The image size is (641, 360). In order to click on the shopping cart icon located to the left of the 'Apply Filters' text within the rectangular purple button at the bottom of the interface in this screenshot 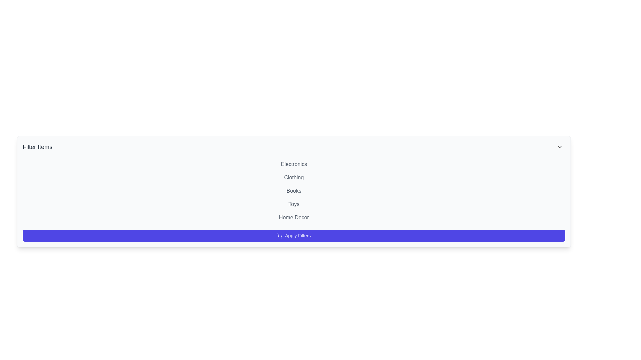, I will do `click(279, 236)`.